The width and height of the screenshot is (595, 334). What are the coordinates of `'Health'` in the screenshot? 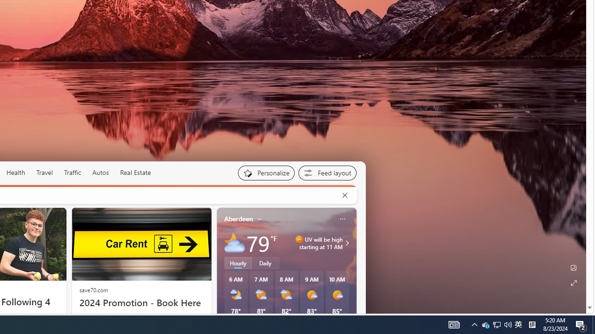 It's located at (16, 172).